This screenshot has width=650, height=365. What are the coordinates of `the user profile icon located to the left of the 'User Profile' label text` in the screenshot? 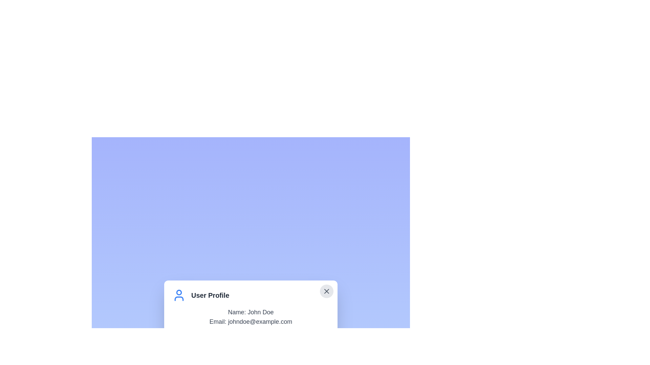 It's located at (179, 295).